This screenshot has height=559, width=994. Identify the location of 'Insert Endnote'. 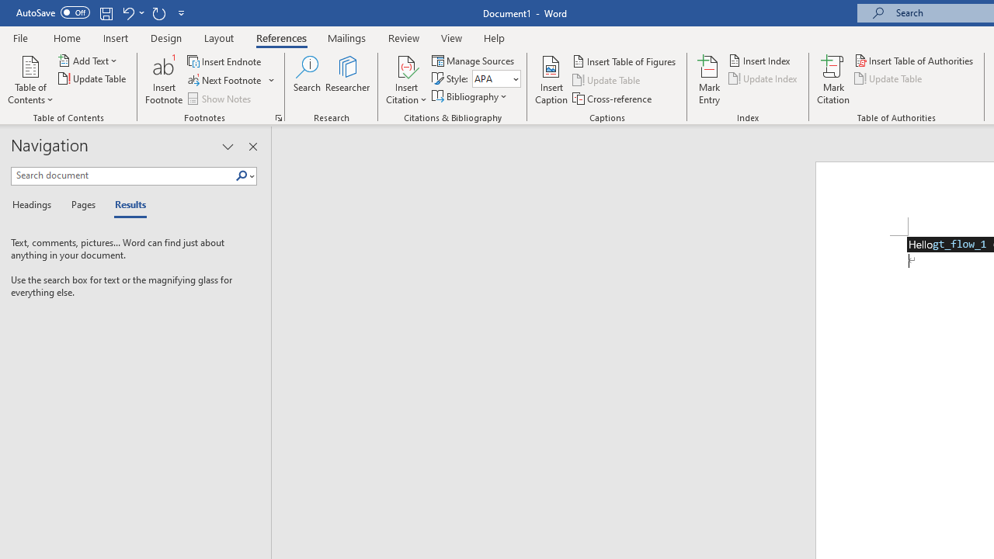
(224, 61).